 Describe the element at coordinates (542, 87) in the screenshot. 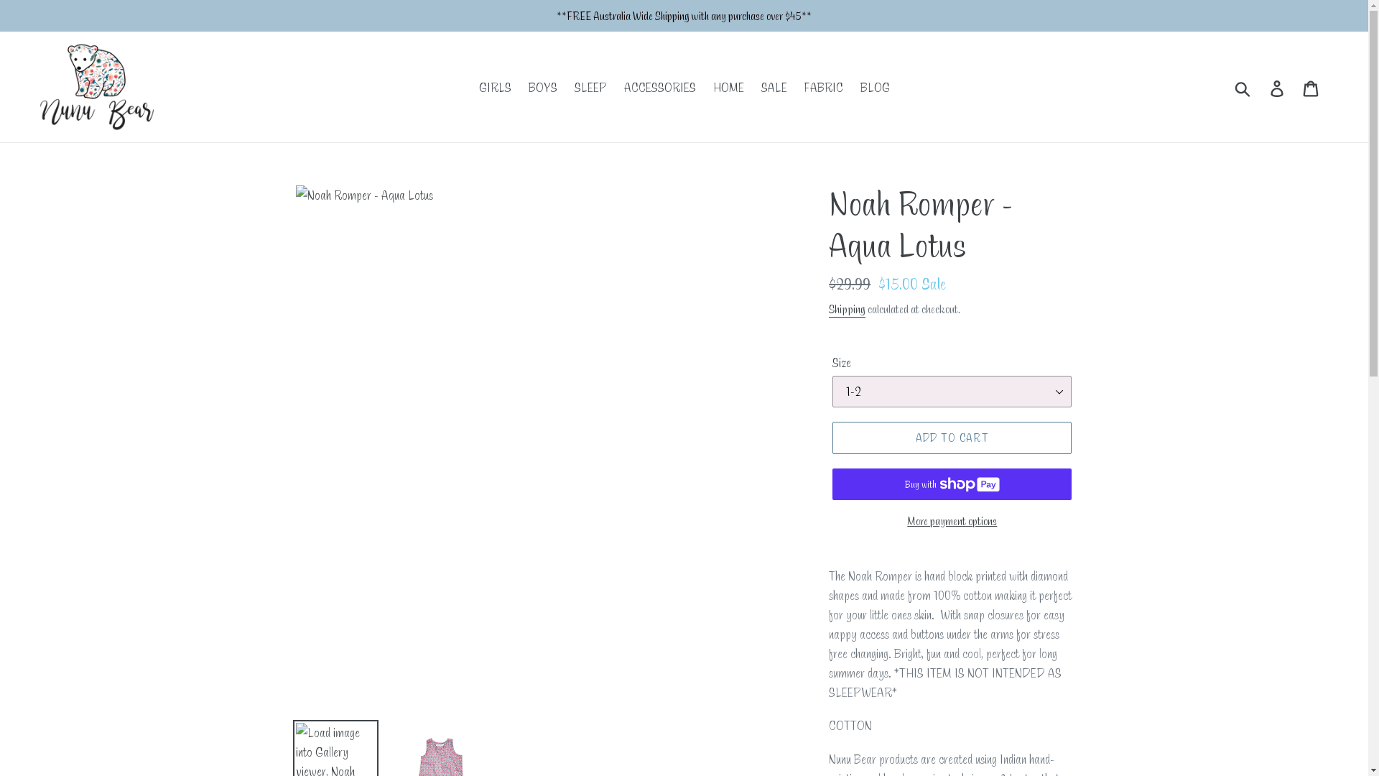

I see `'BOYS'` at that location.